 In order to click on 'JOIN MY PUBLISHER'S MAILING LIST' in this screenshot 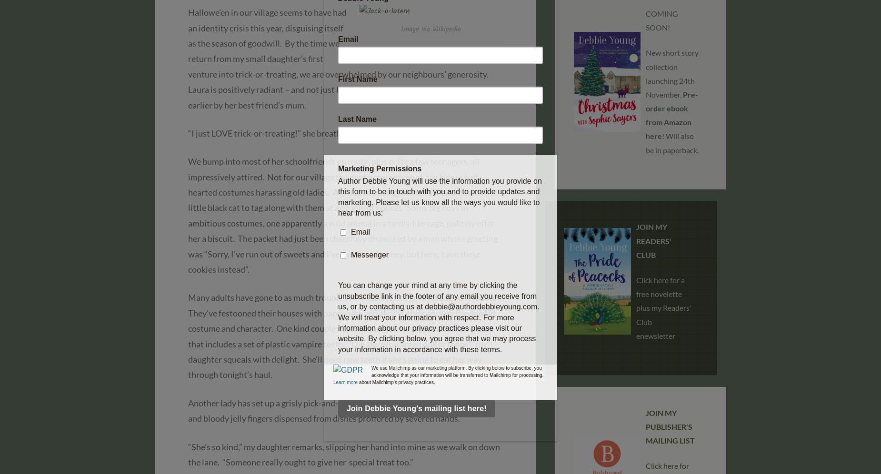, I will do `click(670, 425)`.